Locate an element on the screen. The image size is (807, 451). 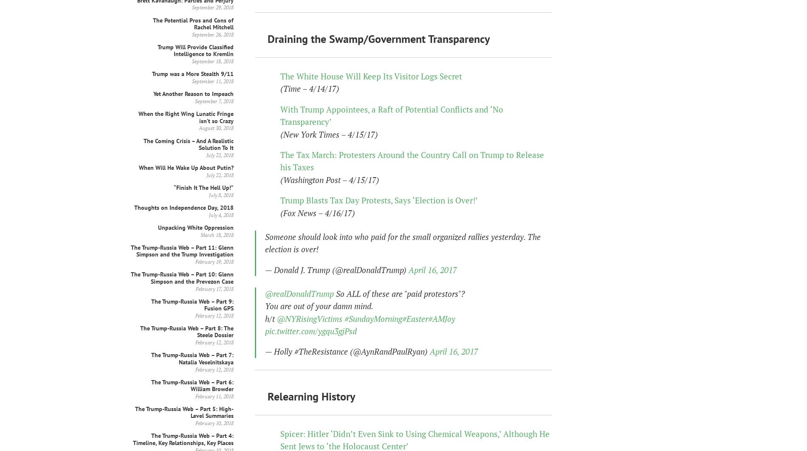
'February 11, 2018' is located at coordinates (195, 395).